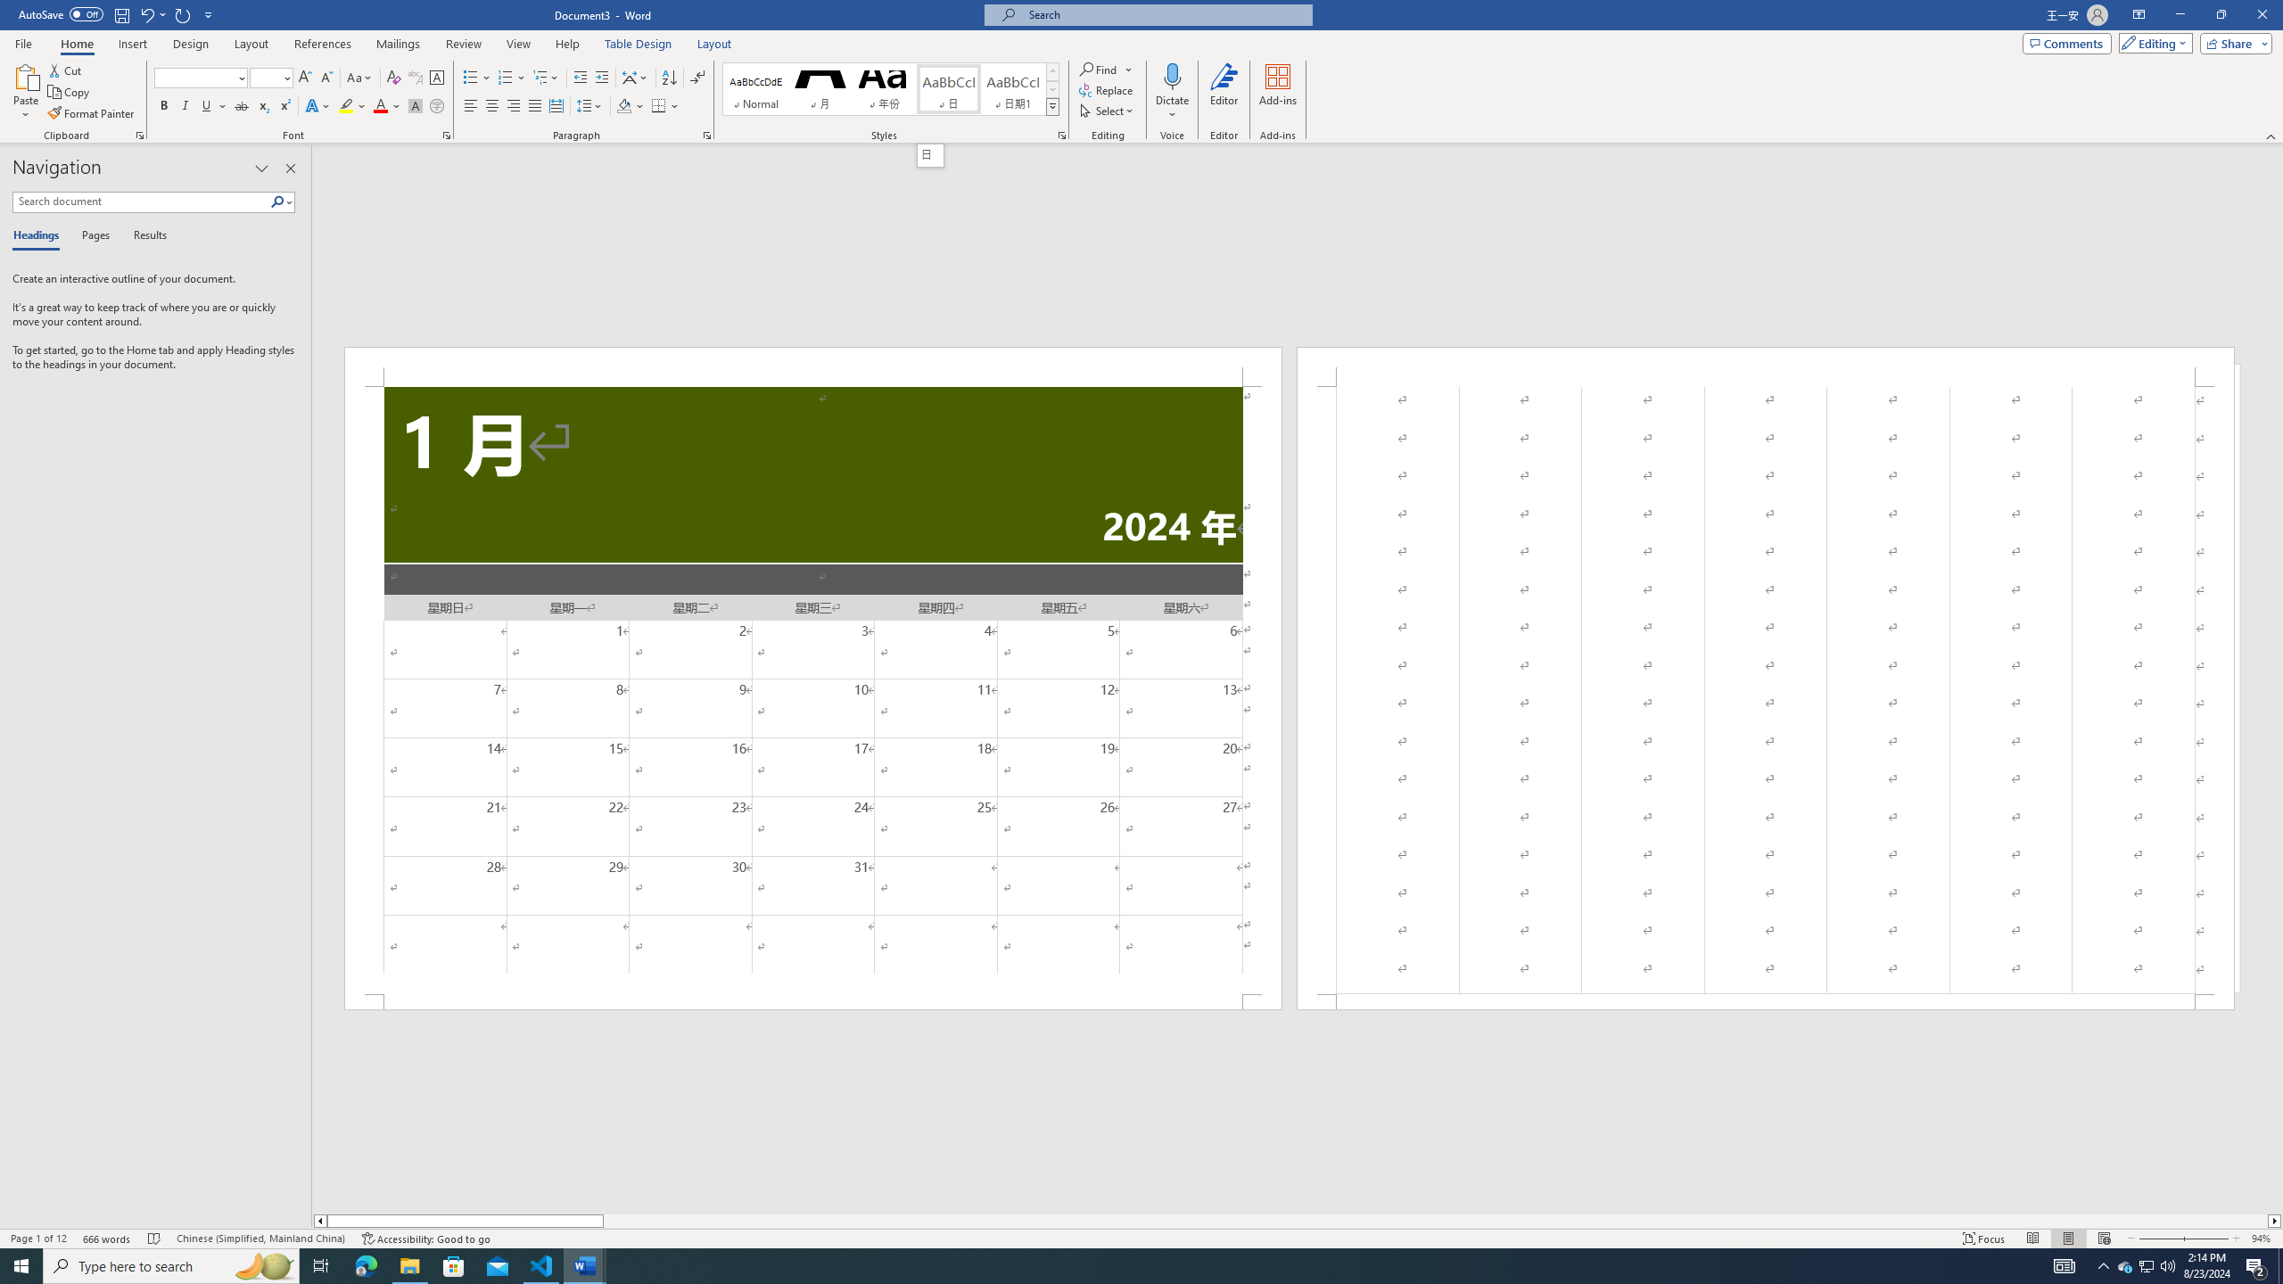 The width and height of the screenshot is (2283, 1284). Describe the element at coordinates (447, 134) in the screenshot. I see `'Font...'` at that location.